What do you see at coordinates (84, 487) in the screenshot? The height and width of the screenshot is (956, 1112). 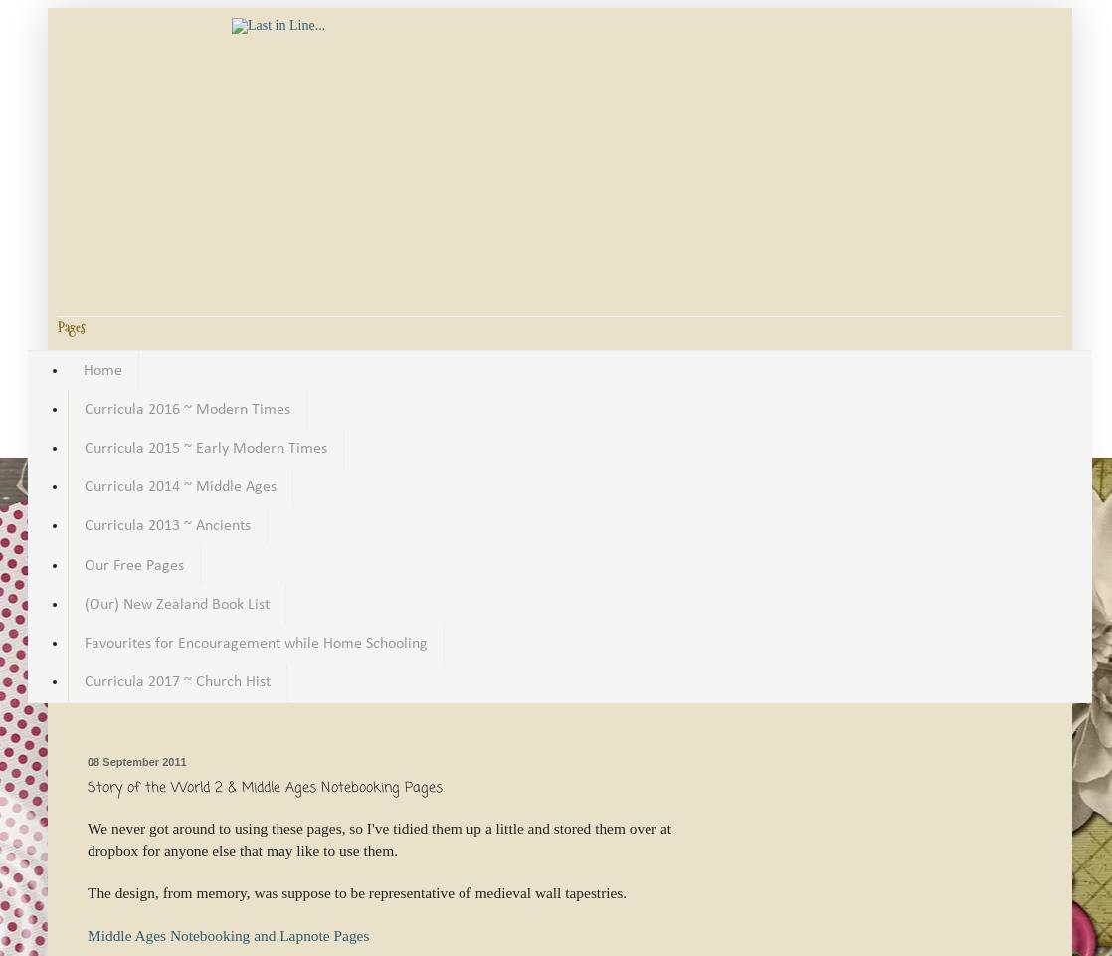 I see `'Curricula 2014 ~ Middle Ages'` at bounding box center [84, 487].